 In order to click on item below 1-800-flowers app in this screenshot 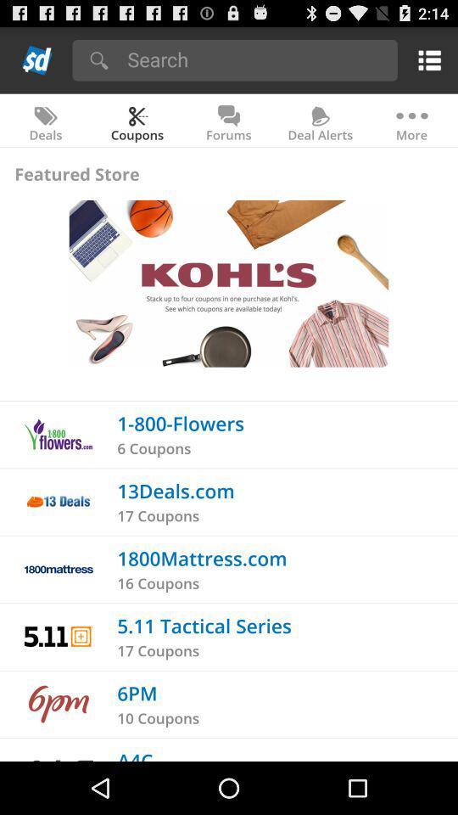, I will do `click(154, 447)`.